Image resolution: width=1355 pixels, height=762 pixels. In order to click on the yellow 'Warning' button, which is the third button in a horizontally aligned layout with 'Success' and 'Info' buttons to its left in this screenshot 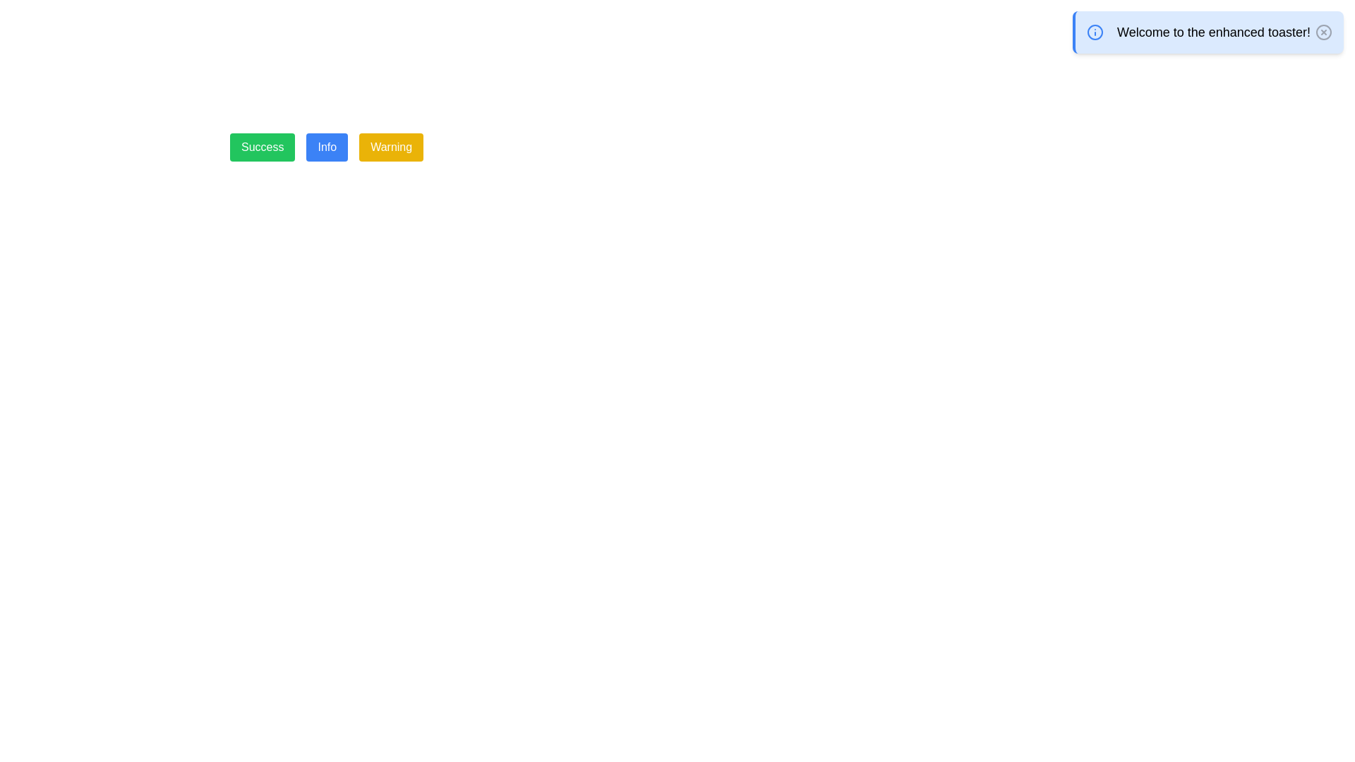, I will do `click(376, 152)`.